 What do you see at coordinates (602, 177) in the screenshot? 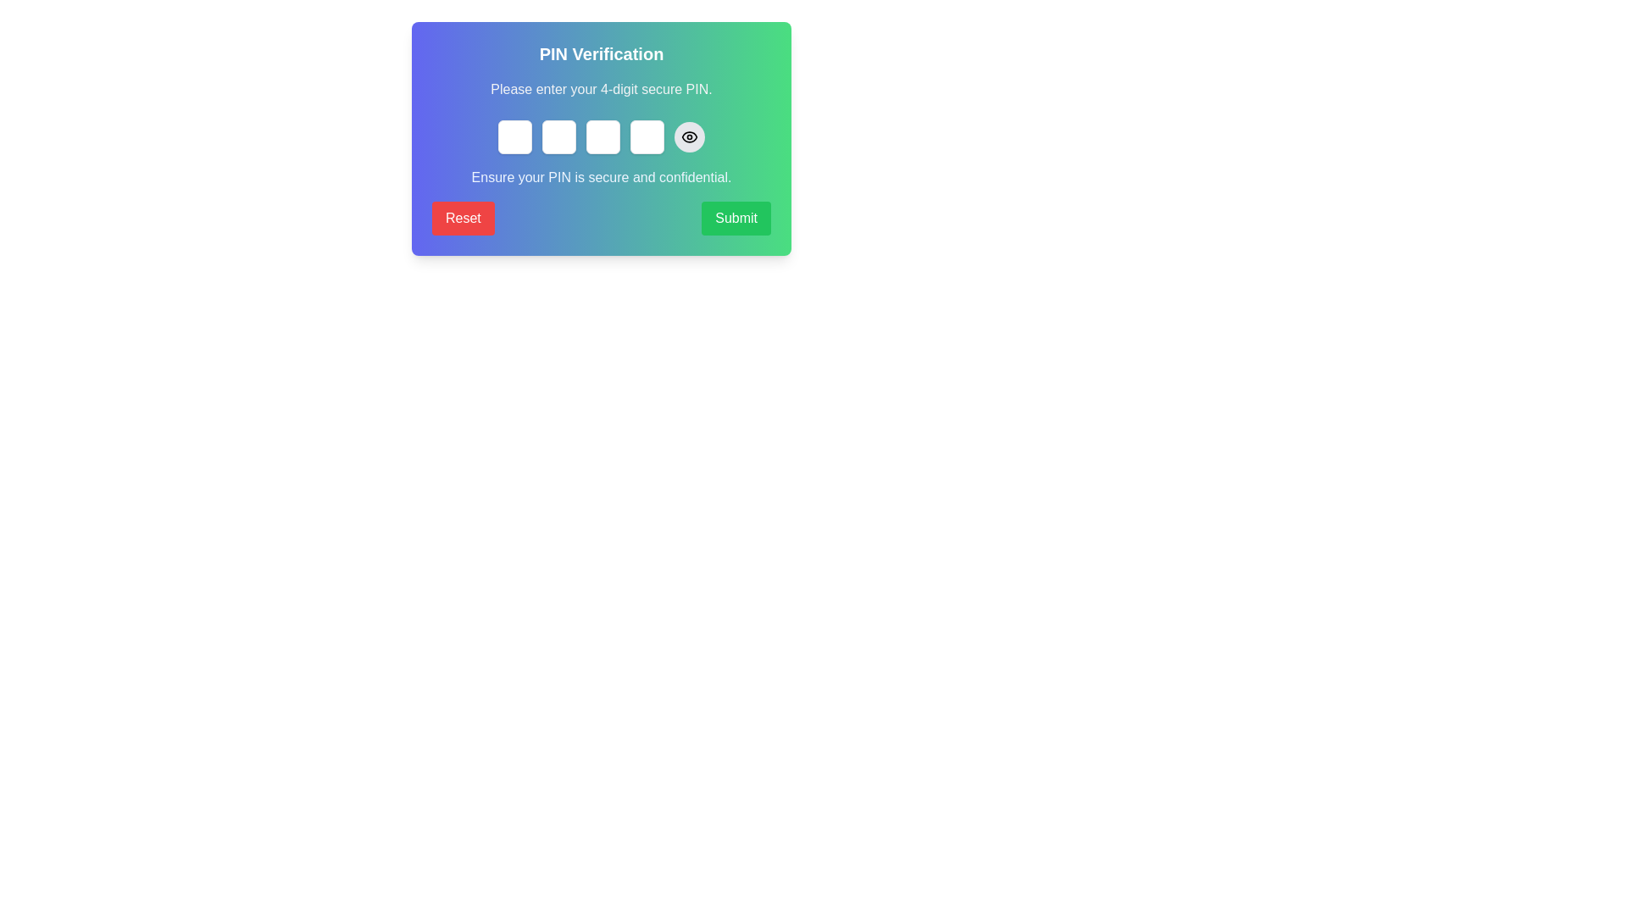
I see `the instructional text label reminding users about maintaining PIN security, positioned below the PIN entry fields and above the 'Reset' and 'Submit' buttons` at bounding box center [602, 177].